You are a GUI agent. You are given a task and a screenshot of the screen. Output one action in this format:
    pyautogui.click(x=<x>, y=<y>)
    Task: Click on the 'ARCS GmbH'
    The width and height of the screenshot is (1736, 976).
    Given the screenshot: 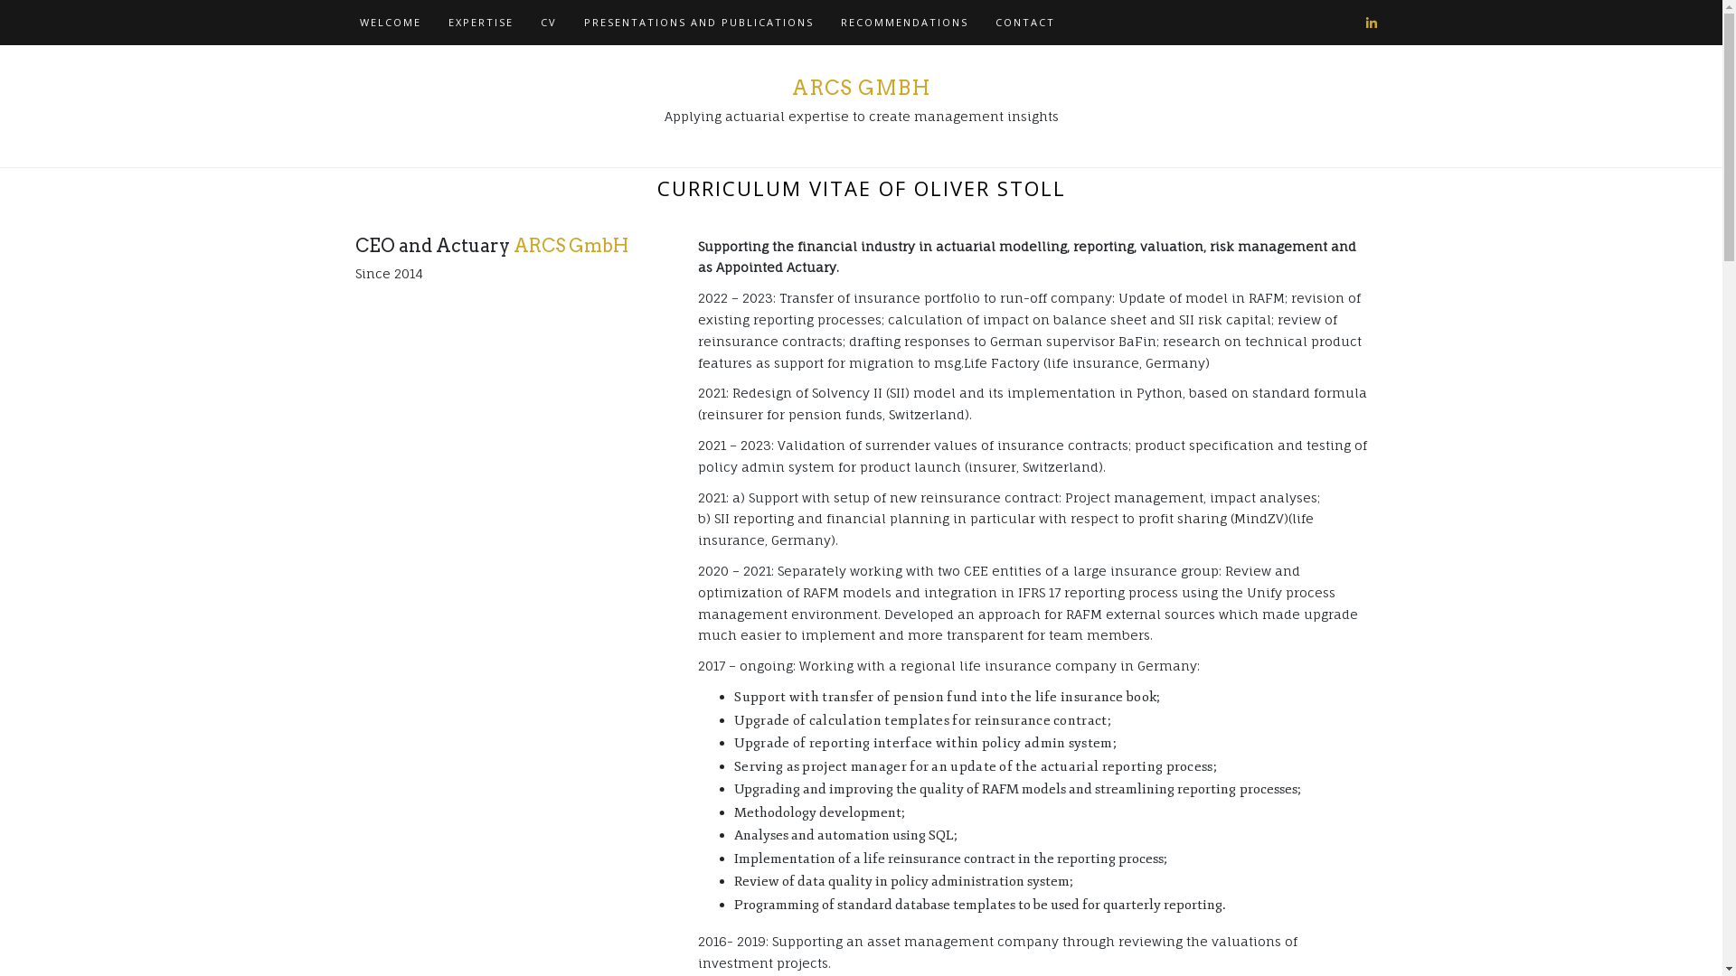 What is the action you would take?
    pyautogui.click(x=570, y=246)
    